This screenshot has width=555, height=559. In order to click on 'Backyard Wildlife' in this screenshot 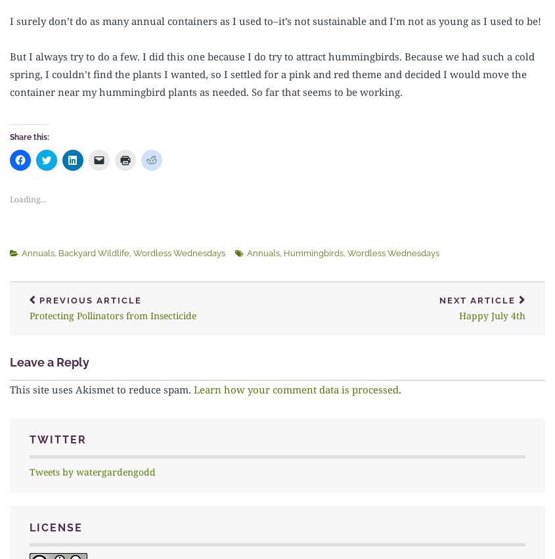, I will do `click(93, 253)`.